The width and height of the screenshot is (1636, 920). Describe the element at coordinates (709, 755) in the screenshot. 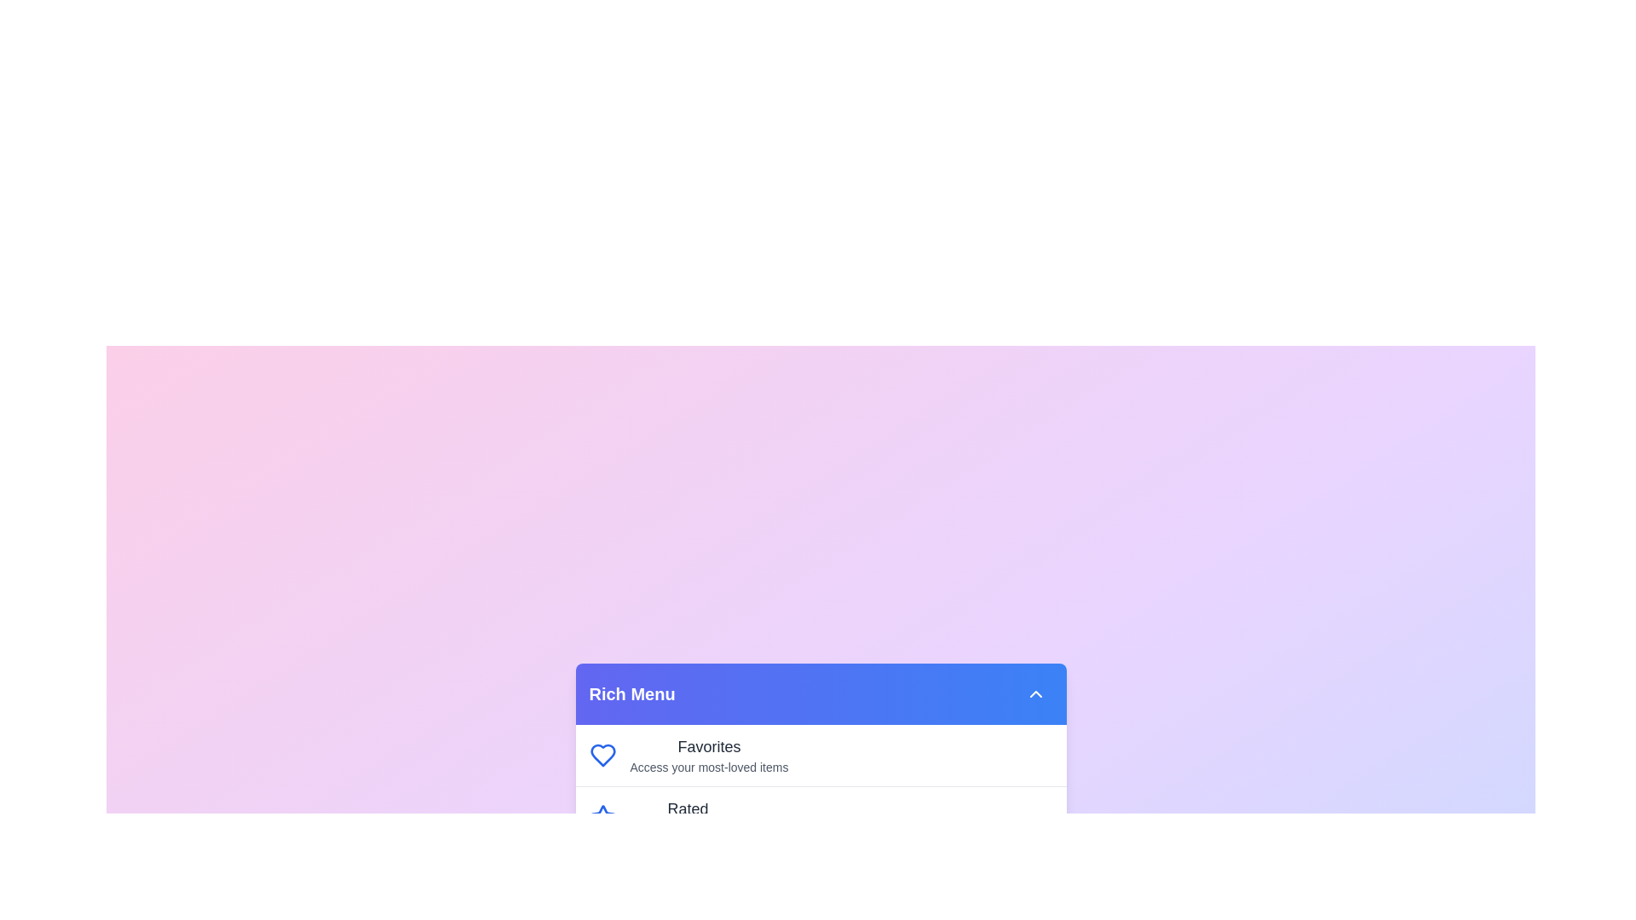

I see `the menu item labeled Favorites by clicking on it` at that location.